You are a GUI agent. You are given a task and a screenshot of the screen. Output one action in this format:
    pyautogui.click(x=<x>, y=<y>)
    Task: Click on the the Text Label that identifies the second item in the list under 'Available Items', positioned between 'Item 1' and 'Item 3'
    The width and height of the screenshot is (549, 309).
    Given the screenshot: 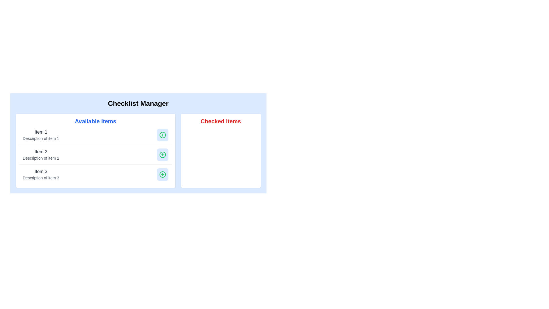 What is the action you would take?
    pyautogui.click(x=41, y=152)
    